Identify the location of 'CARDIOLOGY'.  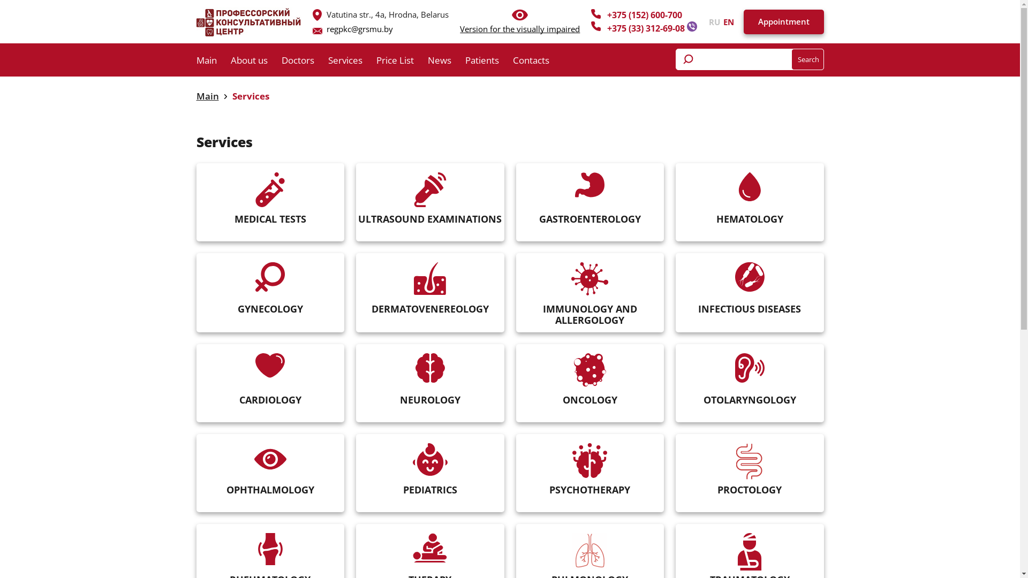
(270, 383).